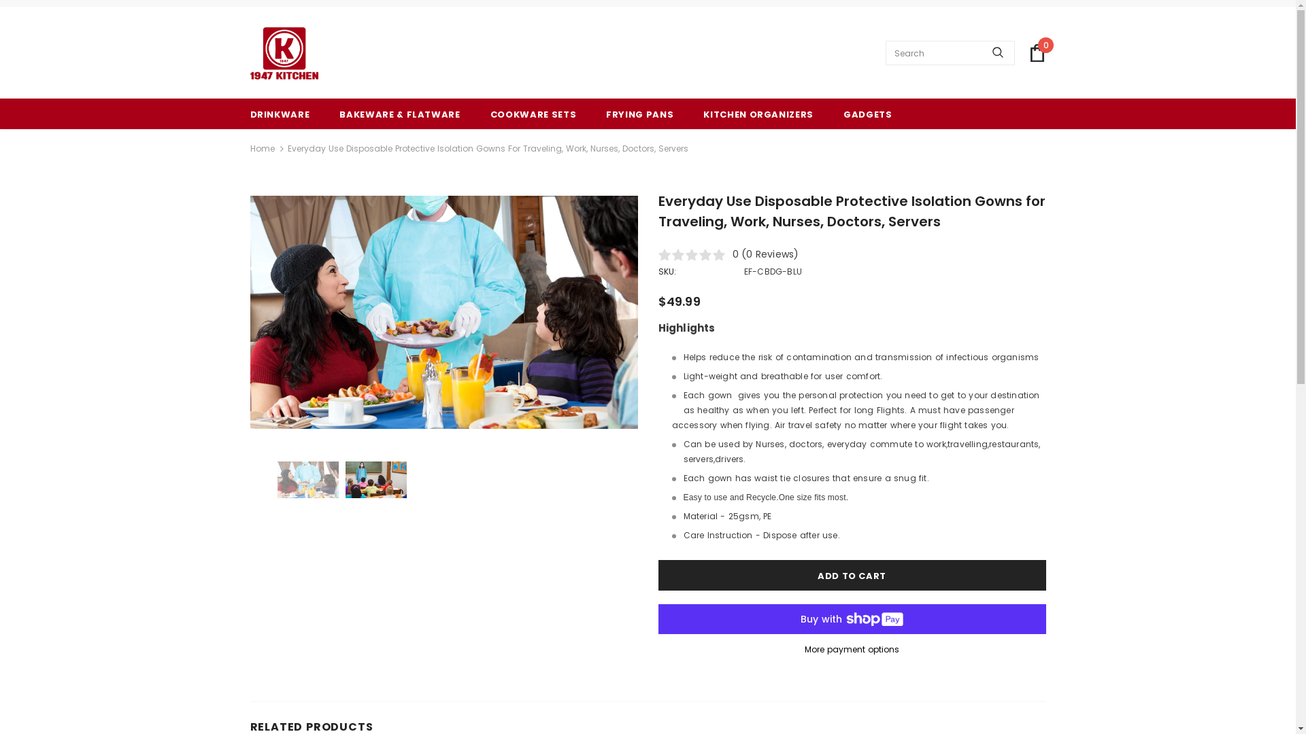 Image resolution: width=1306 pixels, height=734 pixels. I want to click on 'Add to cart', so click(851, 575).